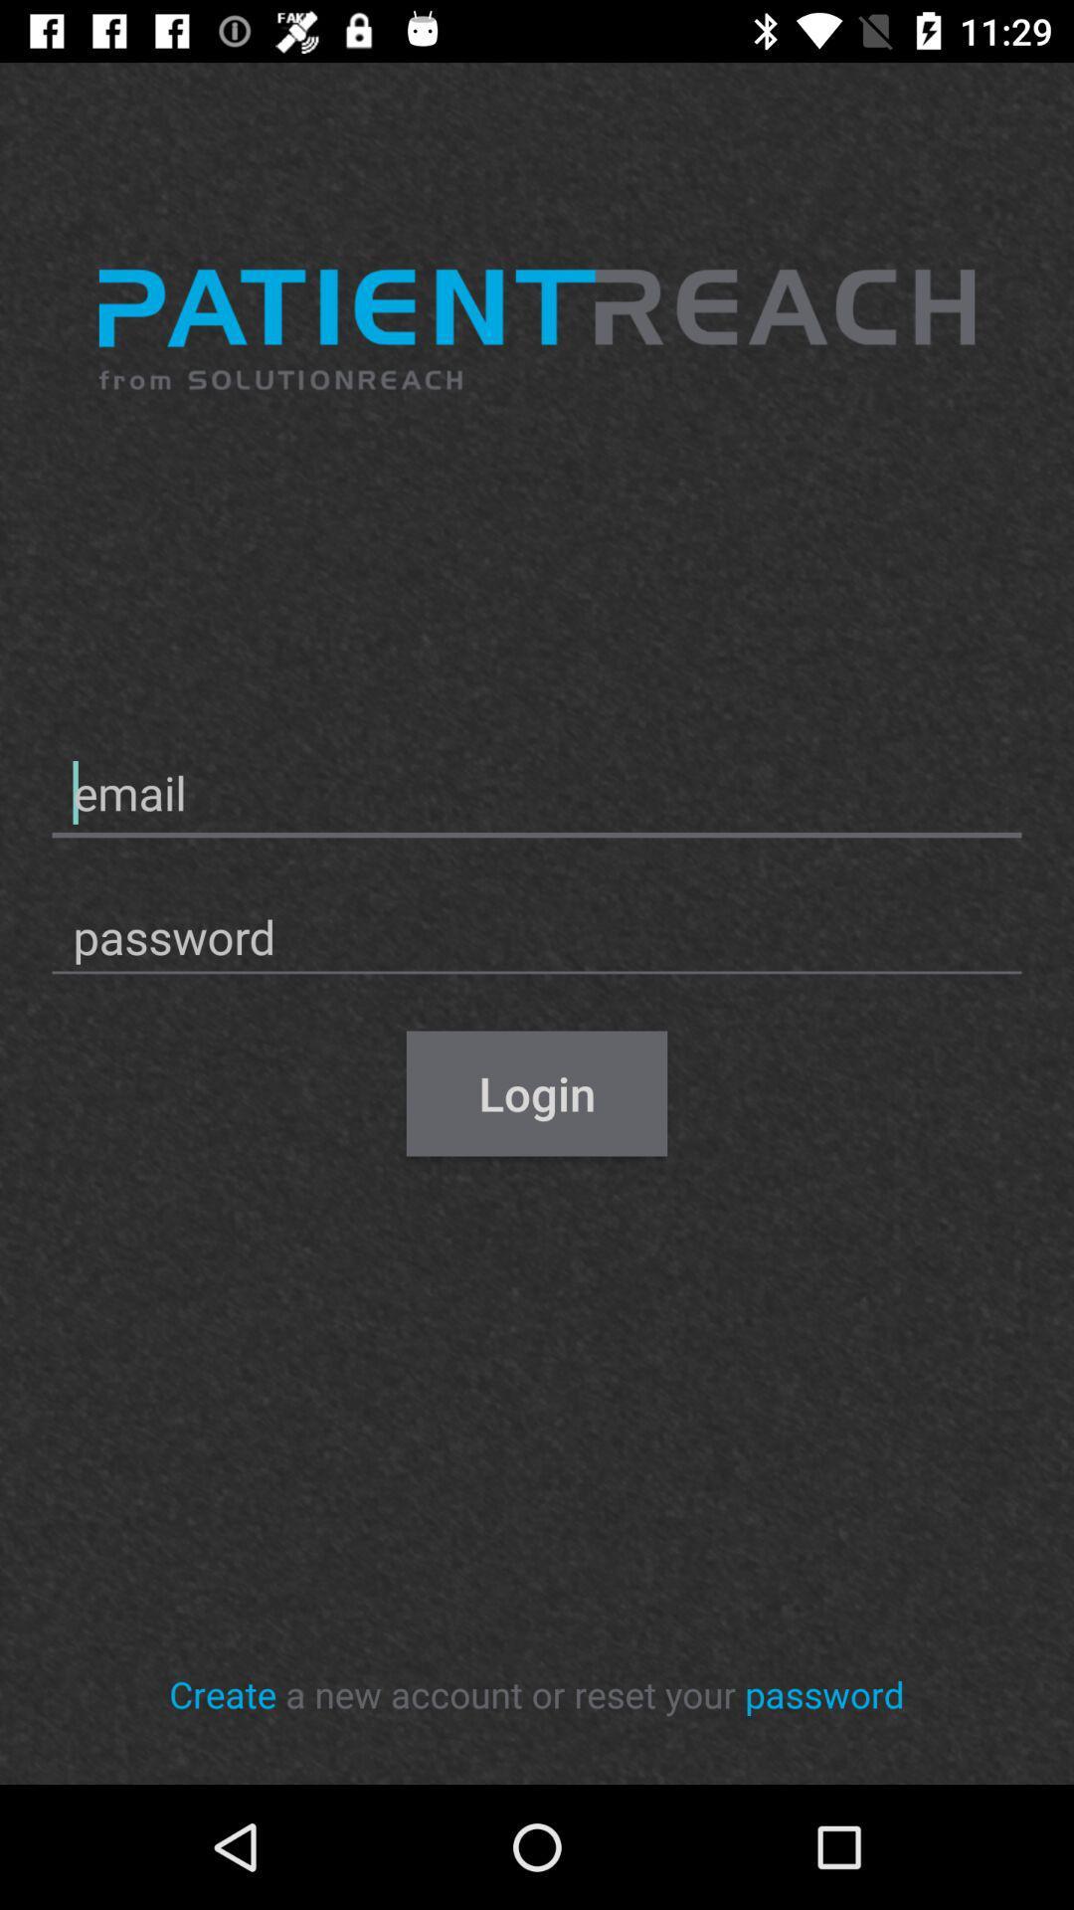 The width and height of the screenshot is (1074, 1910). Describe the element at coordinates (824, 1693) in the screenshot. I see `the icon to the right of the a new account icon` at that location.